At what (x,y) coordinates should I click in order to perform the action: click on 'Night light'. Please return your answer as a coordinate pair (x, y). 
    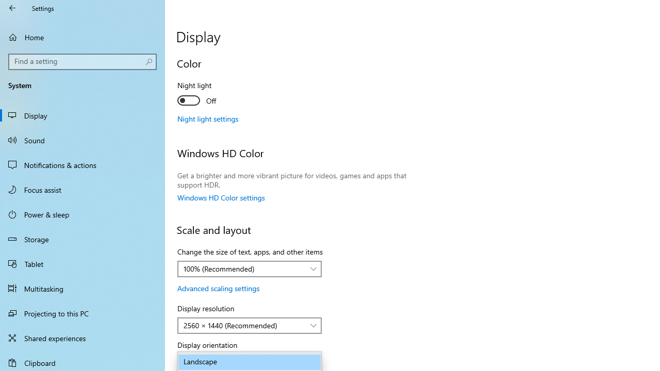
    Looking at the image, I should click on (214, 94).